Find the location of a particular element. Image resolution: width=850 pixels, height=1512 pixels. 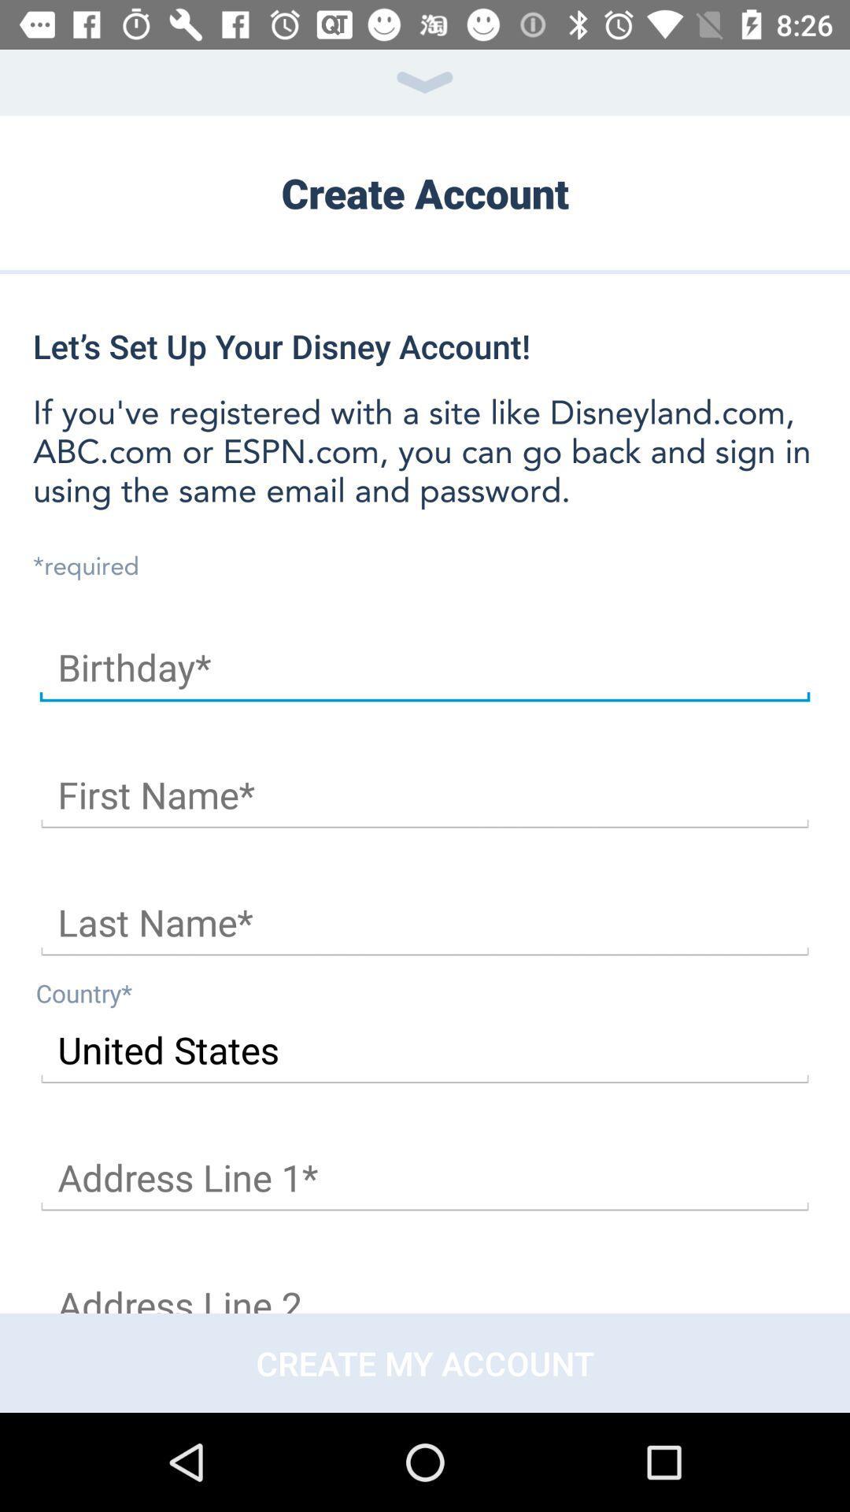

address textbox is located at coordinates (425, 1178).